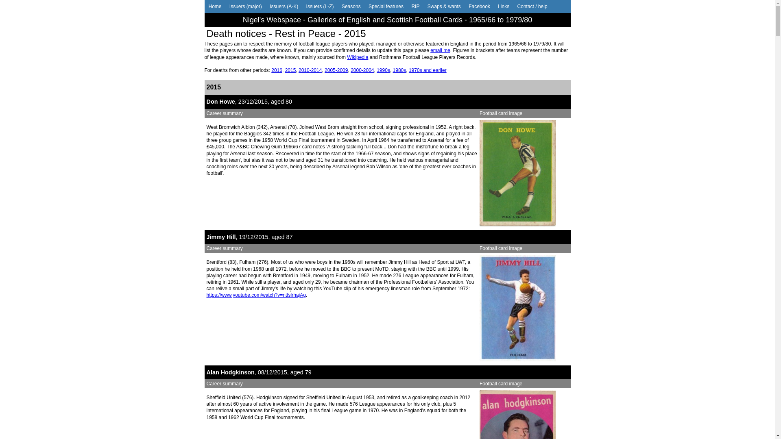 This screenshot has height=439, width=781. I want to click on '2000-2004', so click(362, 70).